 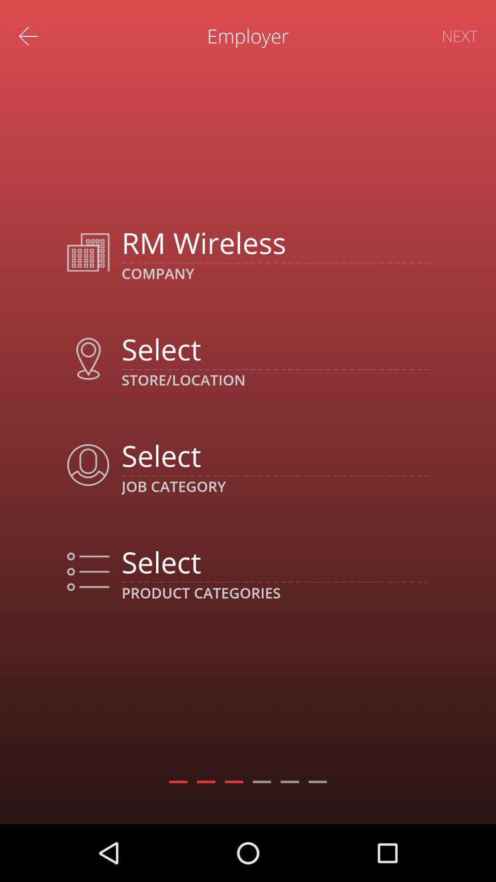 What do you see at coordinates (275, 561) in the screenshot?
I see `product categories` at bounding box center [275, 561].